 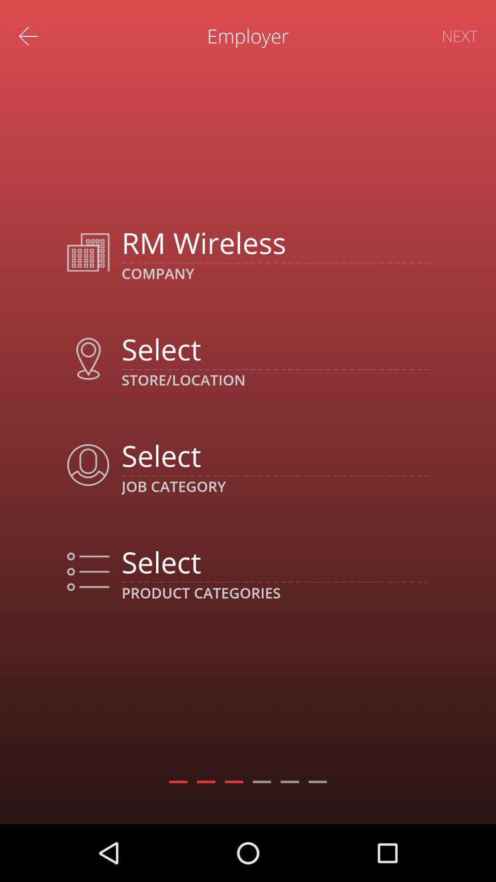 What do you see at coordinates (275, 561) in the screenshot?
I see `product categories` at bounding box center [275, 561].